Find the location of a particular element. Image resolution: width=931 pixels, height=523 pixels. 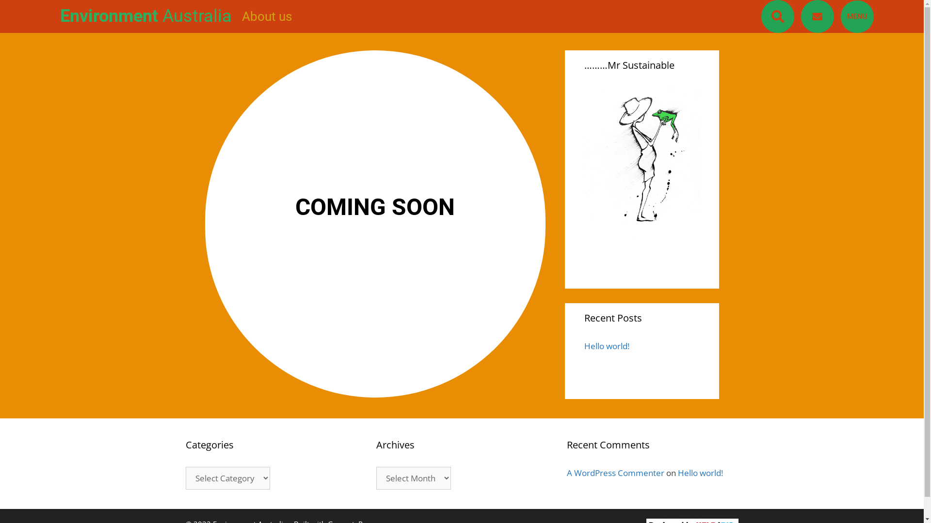

'MENU' is located at coordinates (840, 16).